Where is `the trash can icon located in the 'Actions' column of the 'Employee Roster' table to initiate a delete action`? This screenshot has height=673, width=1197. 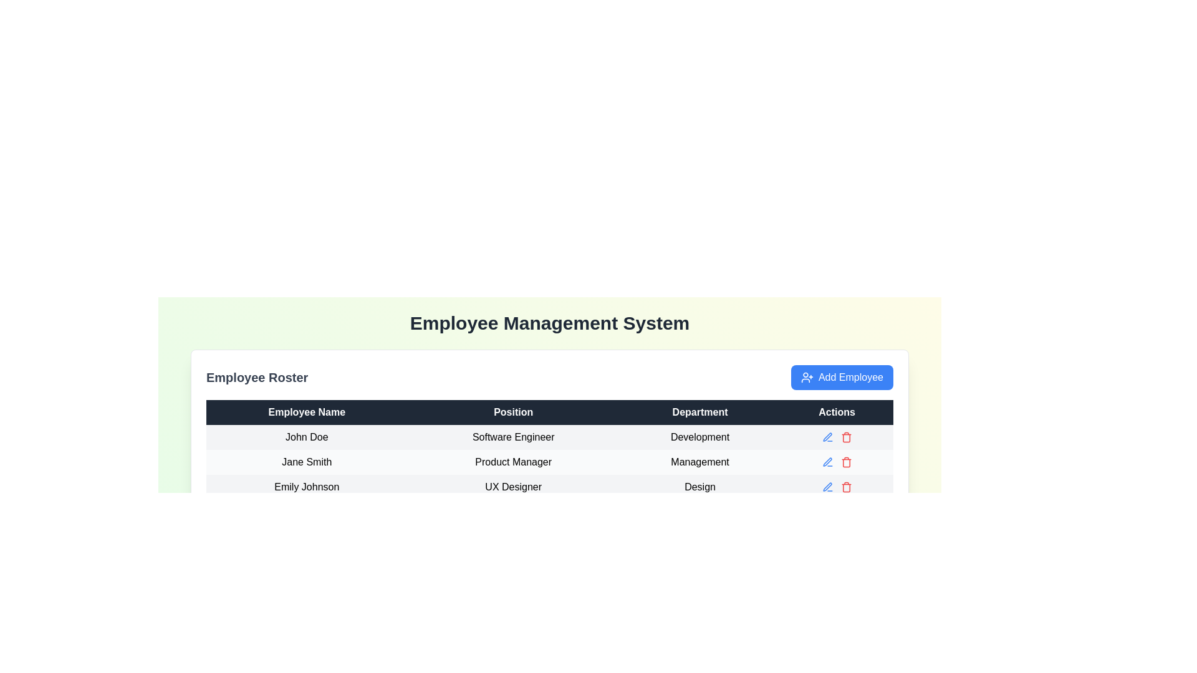 the trash can icon located in the 'Actions' column of the 'Employee Roster' table to initiate a delete action is located at coordinates (846, 437).